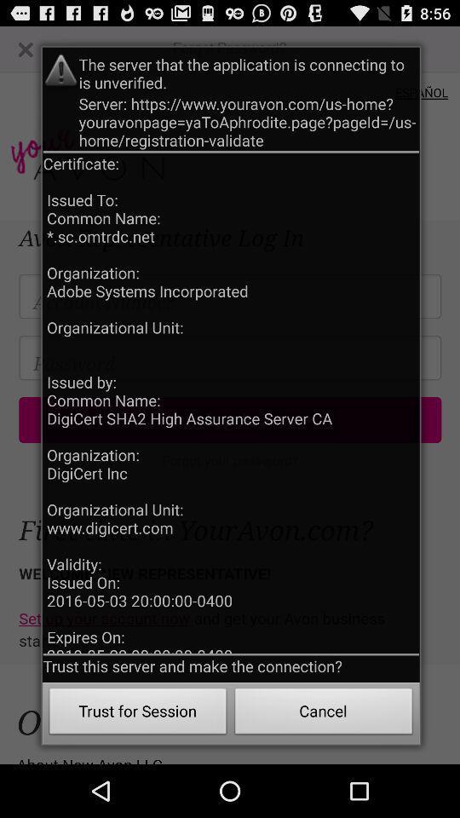 Image resolution: width=460 pixels, height=818 pixels. What do you see at coordinates (324, 713) in the screenshot?
I see `the cancel` at bounding box center [324, 713].